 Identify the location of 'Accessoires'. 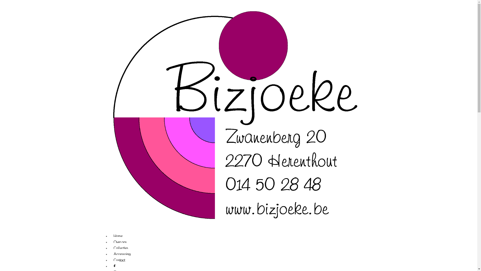
(122, 254).